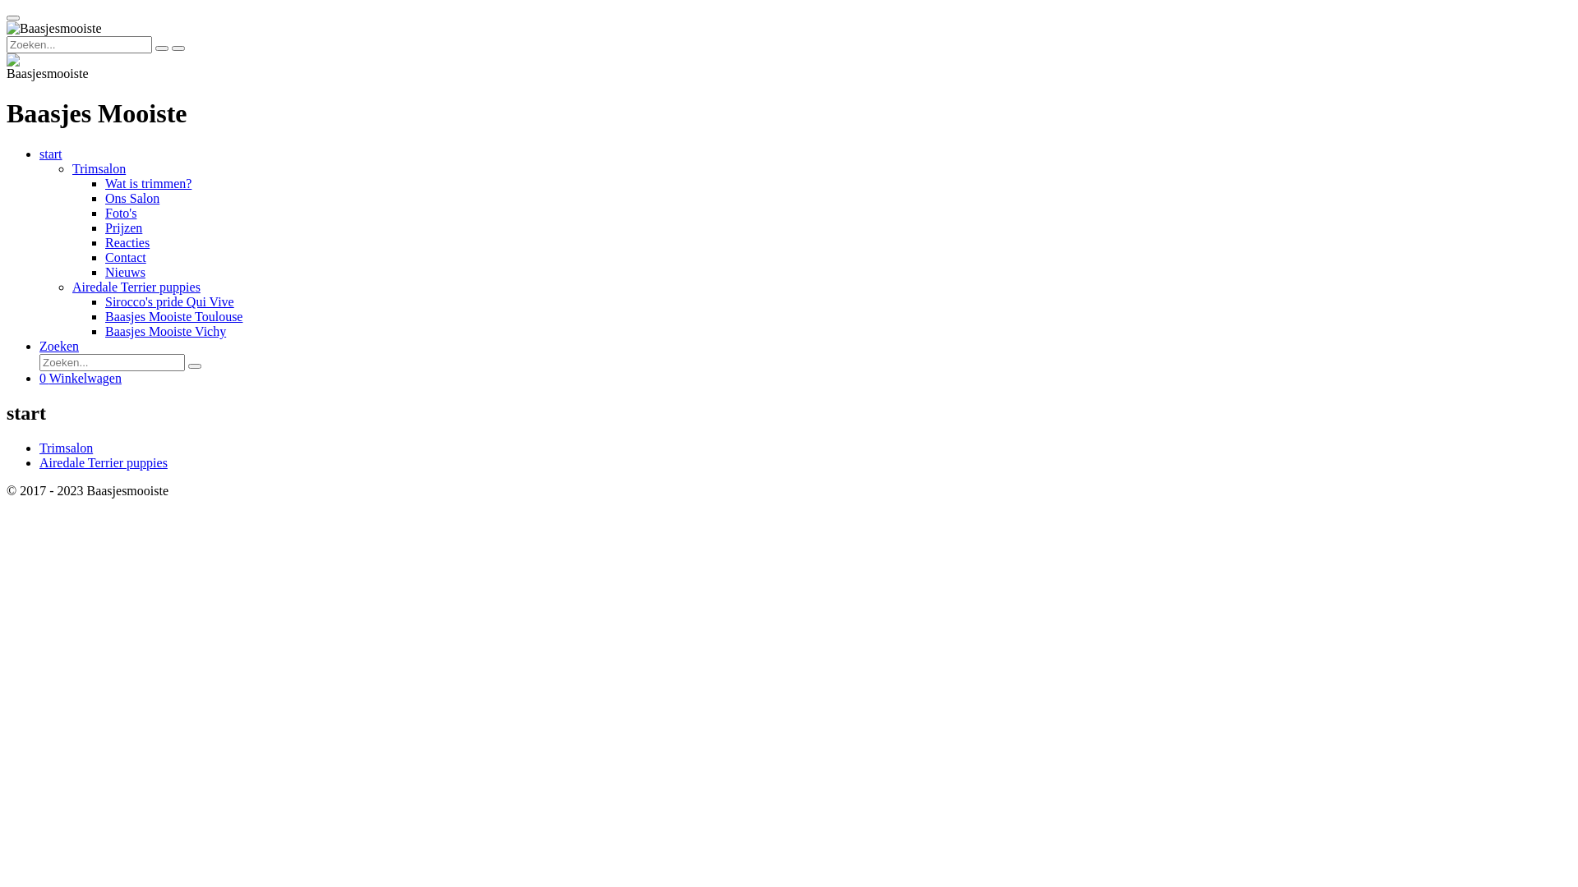 Image resolution: width=1578 pixels, height=887 pixels. What do you see at coordinates (173, 316) in the screenshot?
I see `'Baasjes Mooiste Toulouse'` at bounding box center [173, 316].